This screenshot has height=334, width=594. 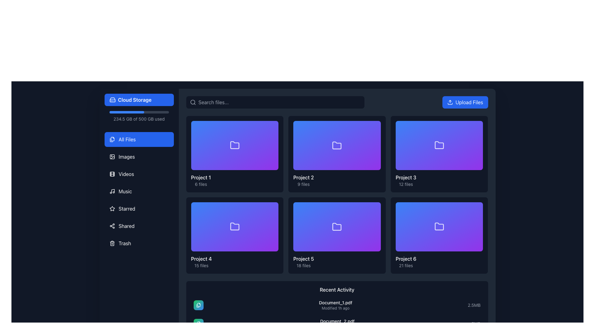 What do you see at coordinates (139, 100) in the screenshot?
I see `the cloud storage navigation button located at the top of the left panel to elicit a hover effect` at bounding box center [139, 100].